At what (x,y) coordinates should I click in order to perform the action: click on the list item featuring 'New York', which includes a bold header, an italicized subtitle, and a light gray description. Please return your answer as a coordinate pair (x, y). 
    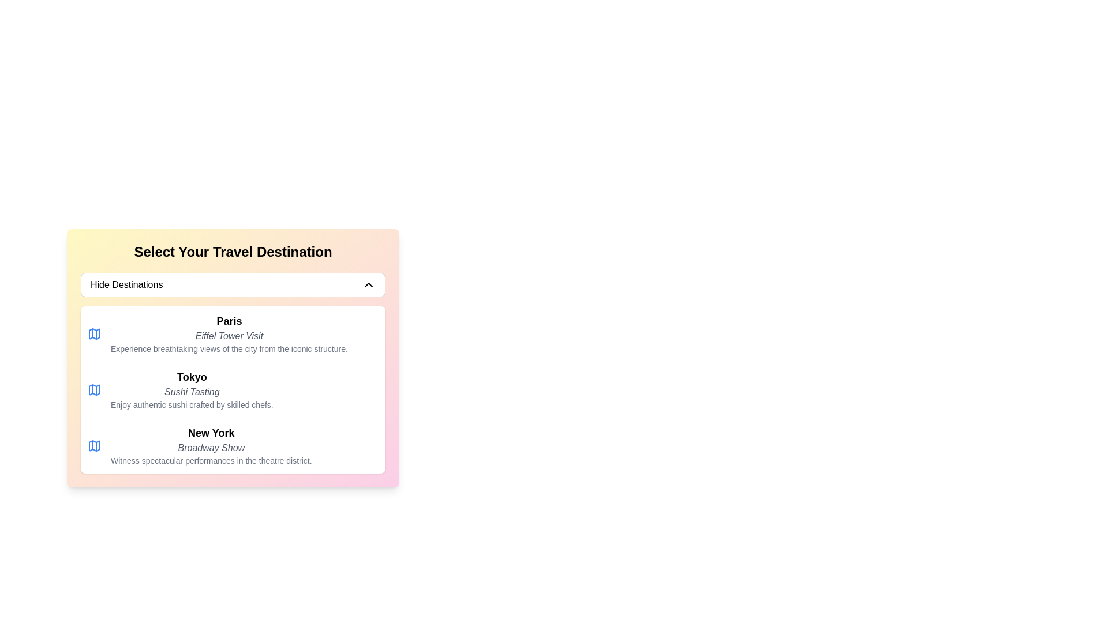
    Looking at the image, I should click on (211, 445).